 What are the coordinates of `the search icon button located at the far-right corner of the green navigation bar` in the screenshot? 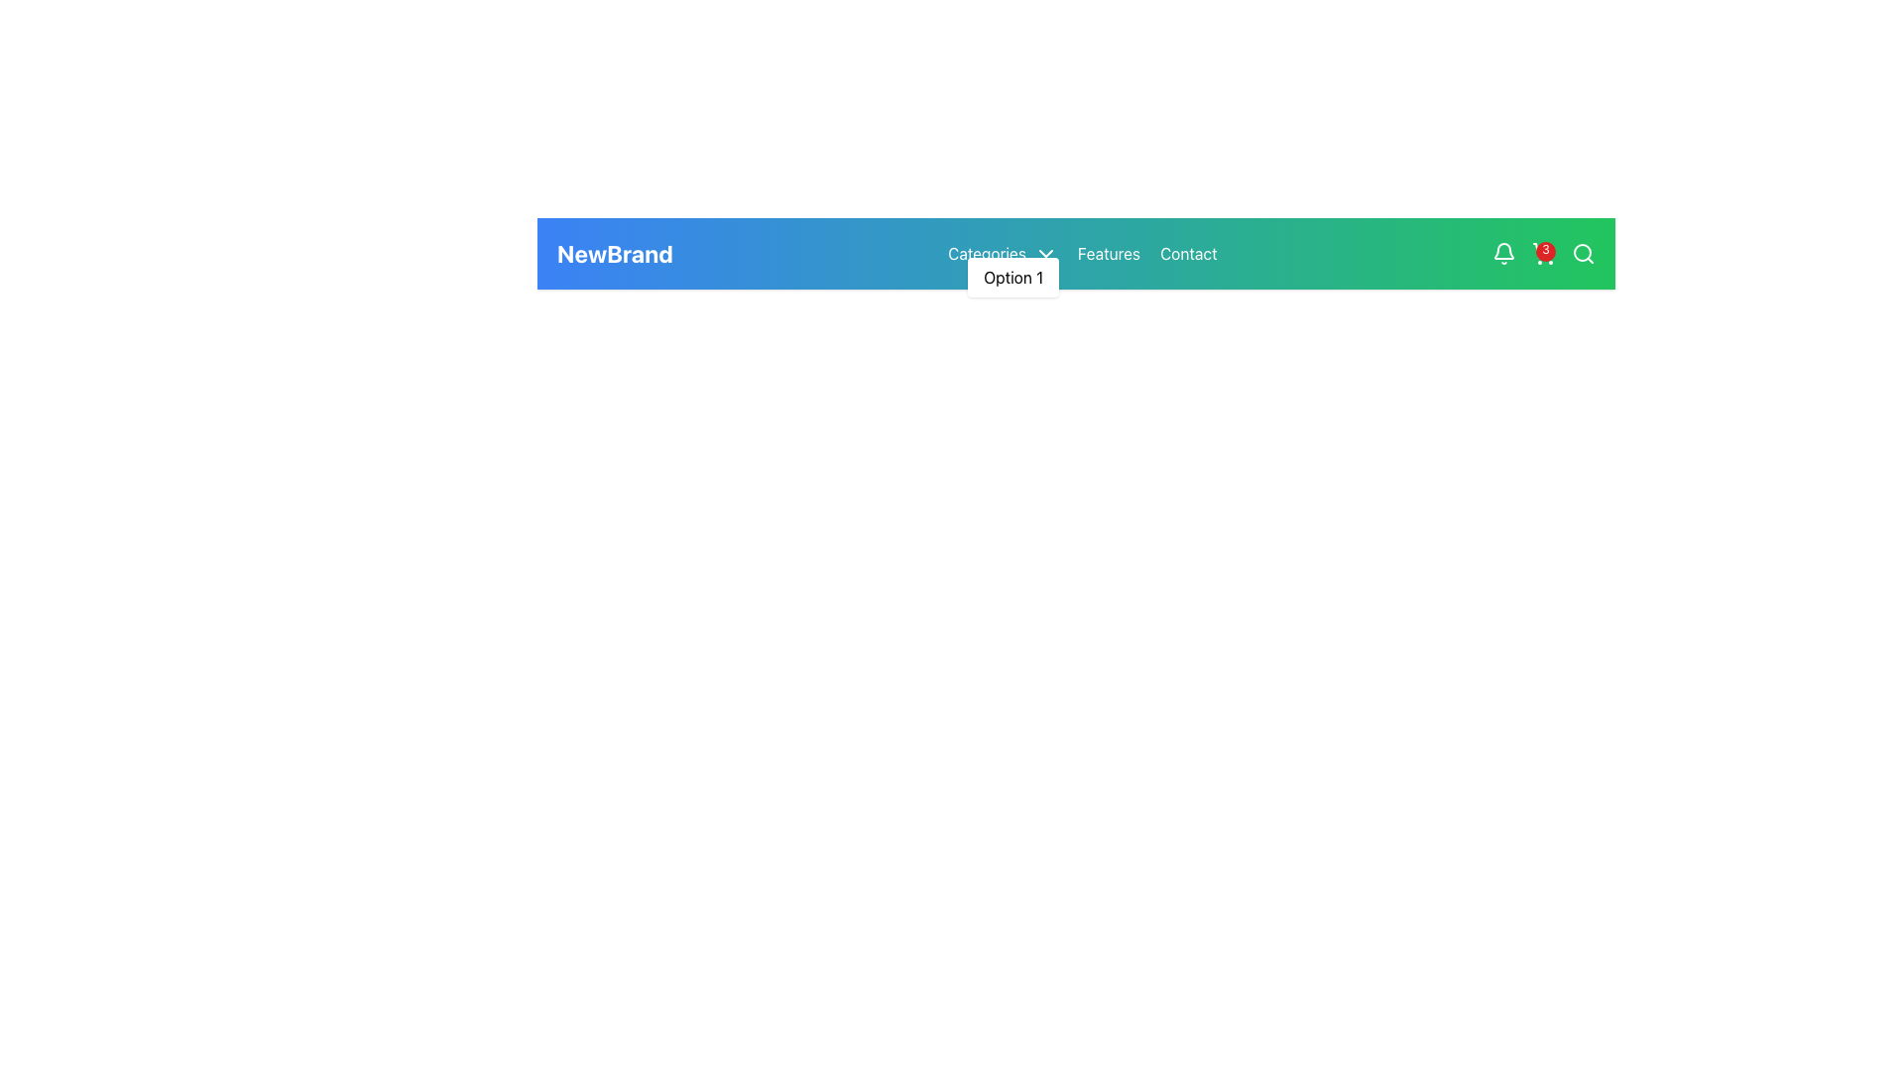 It's located at (1583, 252).